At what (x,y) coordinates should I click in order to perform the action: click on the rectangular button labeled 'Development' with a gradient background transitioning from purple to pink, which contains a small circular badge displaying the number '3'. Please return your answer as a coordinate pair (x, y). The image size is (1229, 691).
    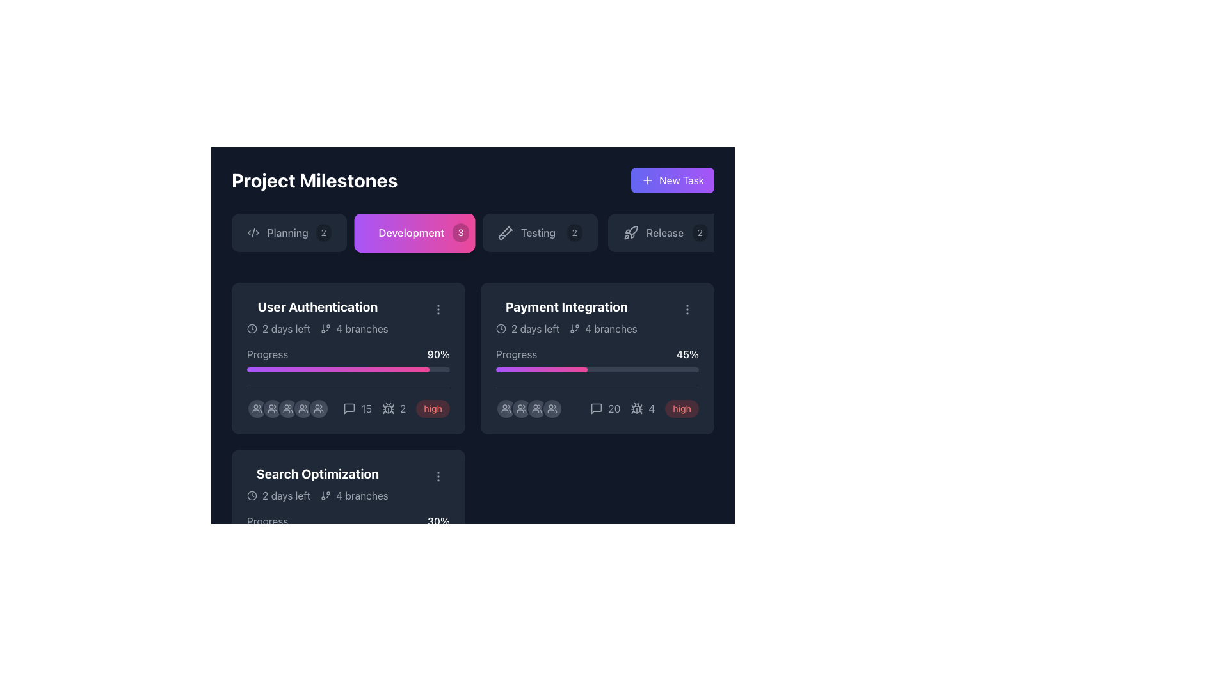
    Looking at the image, I should click on (415, 232).